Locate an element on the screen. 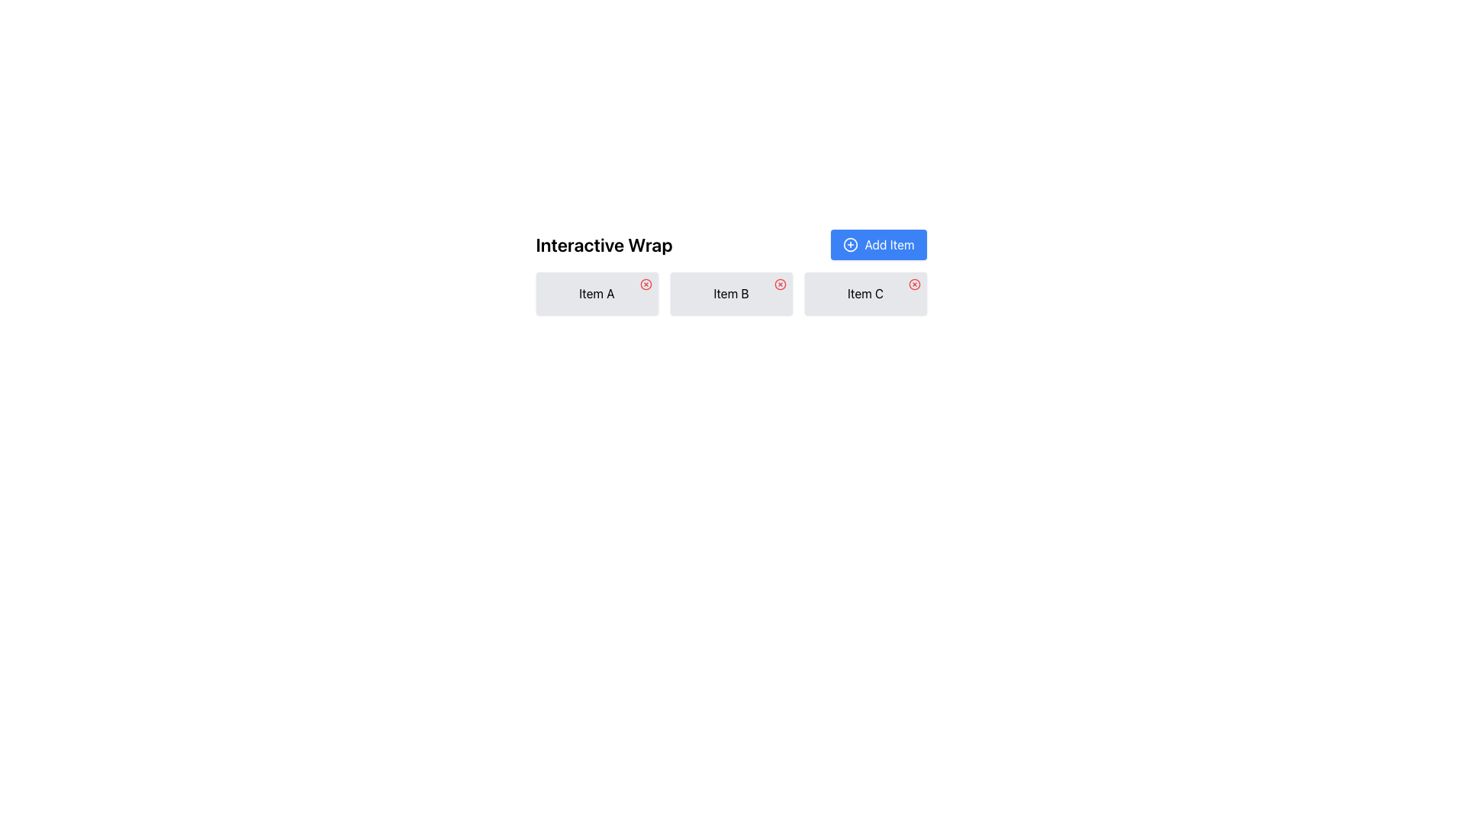 The width and height of the screenshot is (1465, 824). the delete button is located at coordinates (780, 285).